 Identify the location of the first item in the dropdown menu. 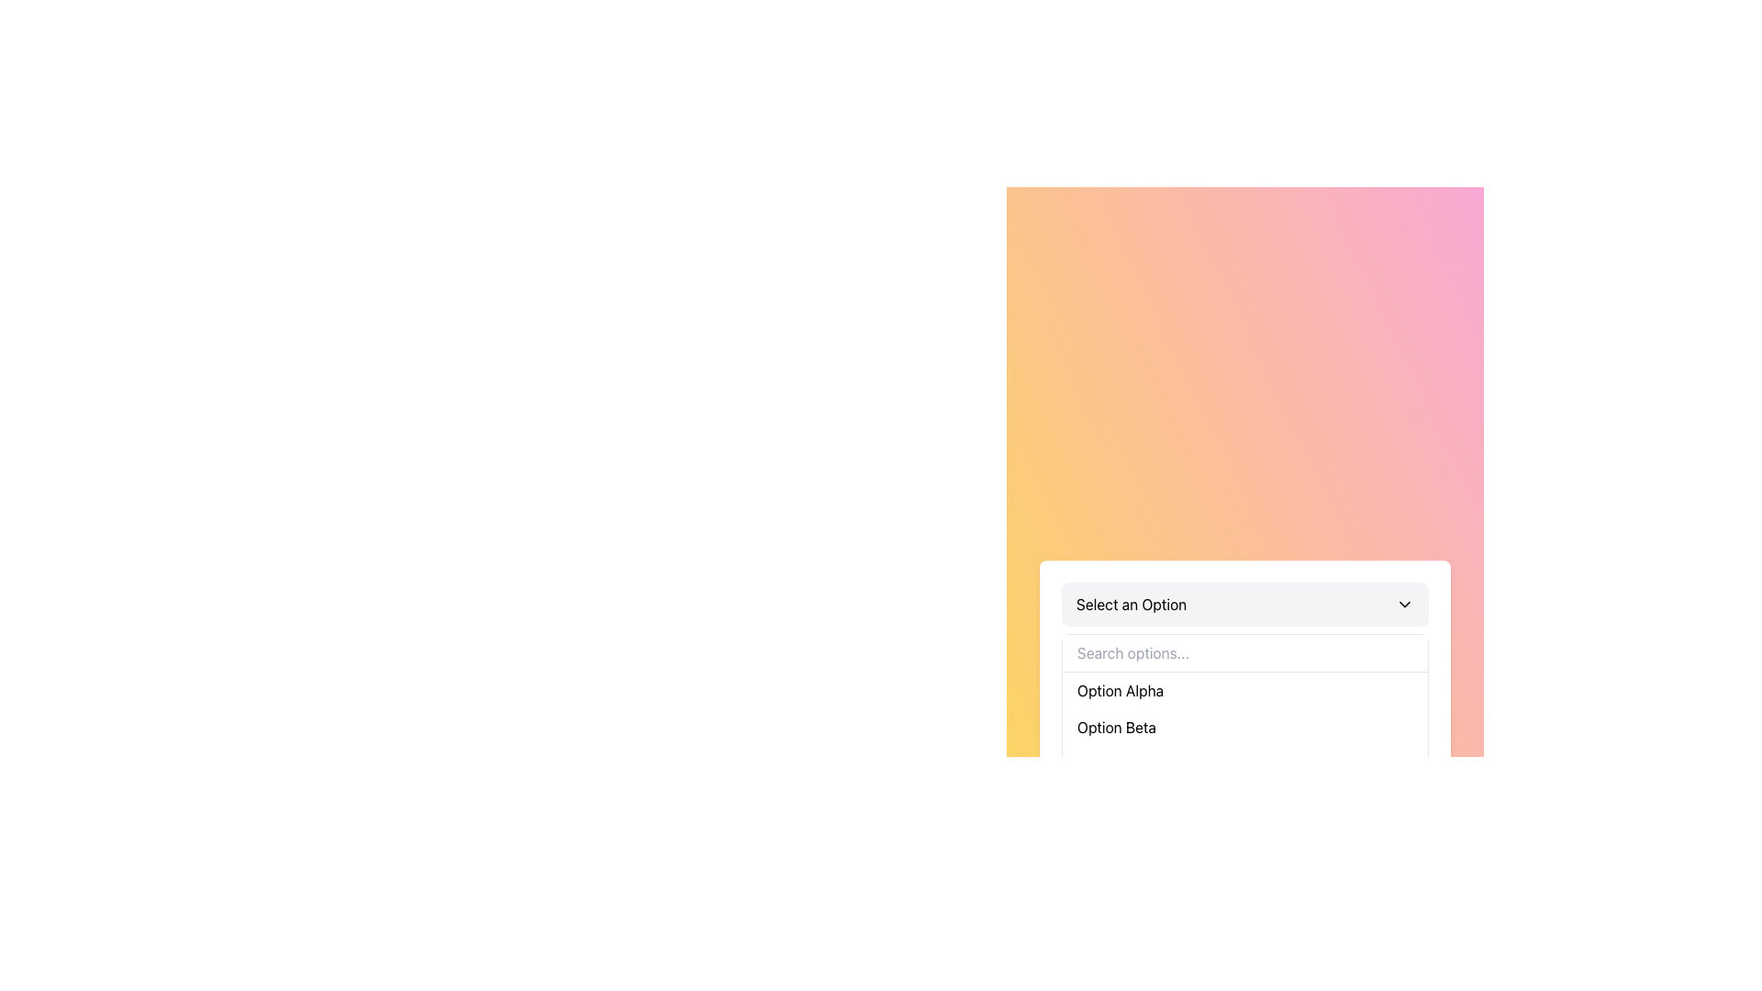
(1245, 690).